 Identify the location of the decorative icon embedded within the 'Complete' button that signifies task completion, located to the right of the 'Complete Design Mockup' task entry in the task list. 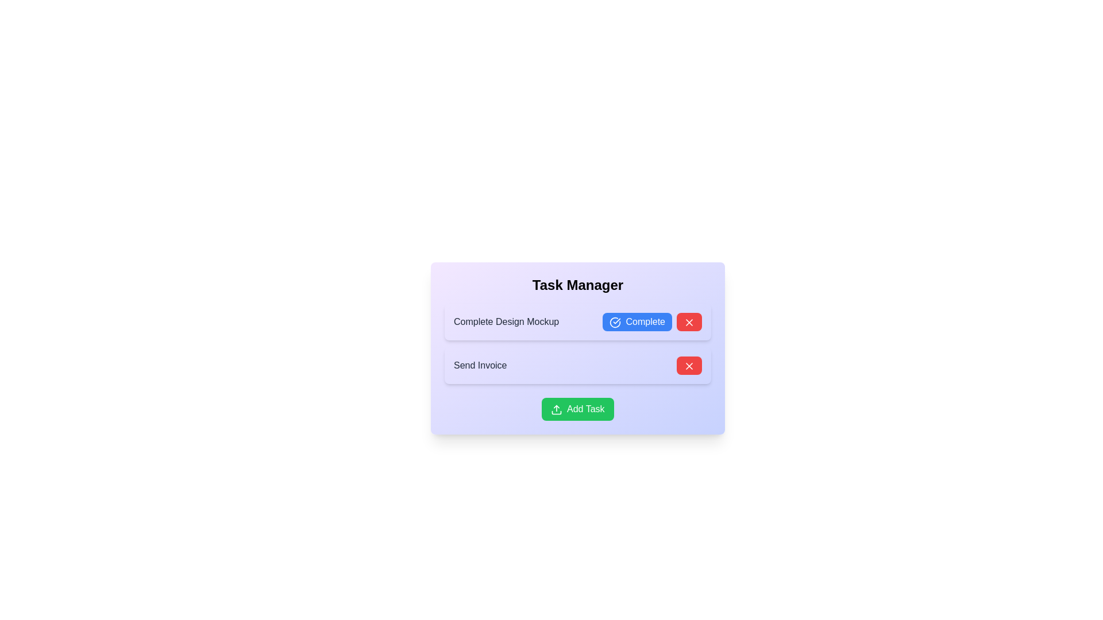
(615, 322).